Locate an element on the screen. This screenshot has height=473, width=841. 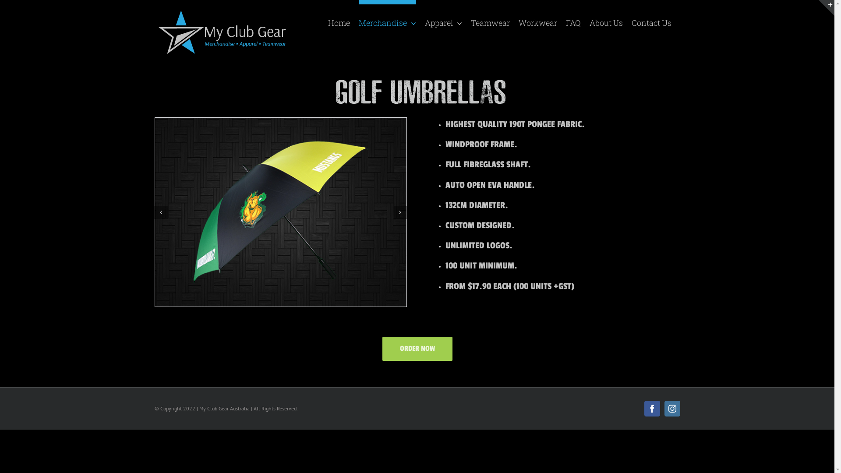
'Teamwear' is located at coordinates (489, 20).